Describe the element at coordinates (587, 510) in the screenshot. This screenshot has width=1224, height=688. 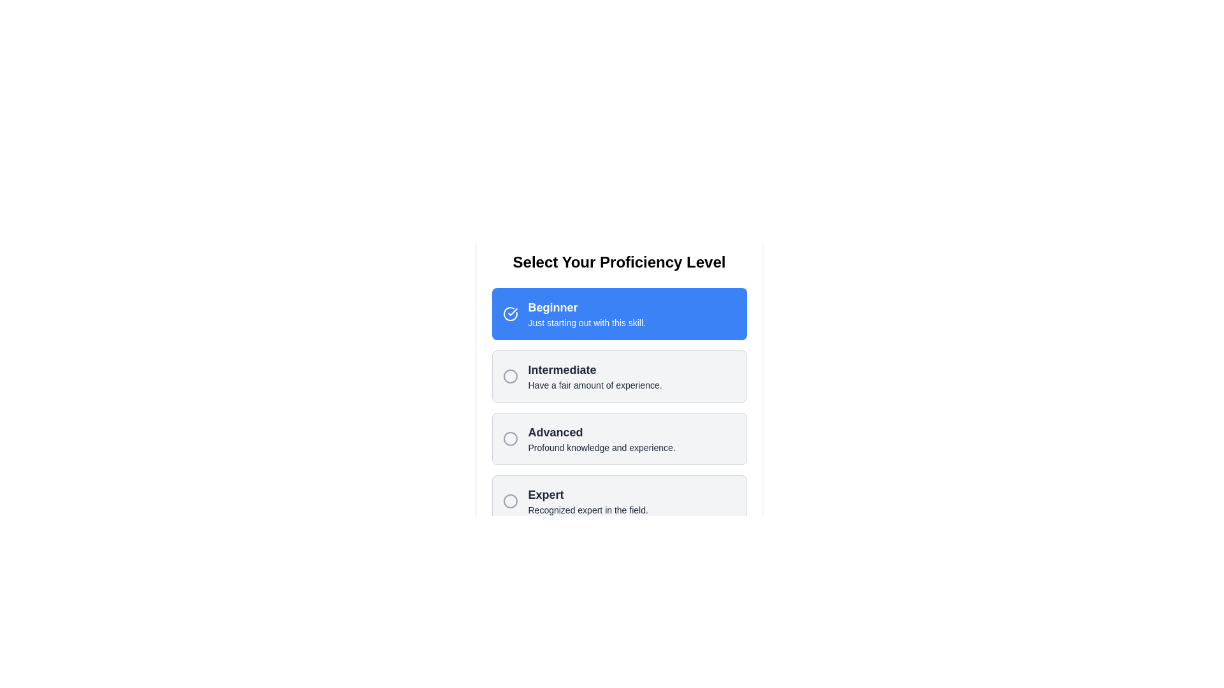
I see `the text label displaying 'Recognized expert in the field.' located under the title 'Expert' in the proficiency level selection interface` at that location.